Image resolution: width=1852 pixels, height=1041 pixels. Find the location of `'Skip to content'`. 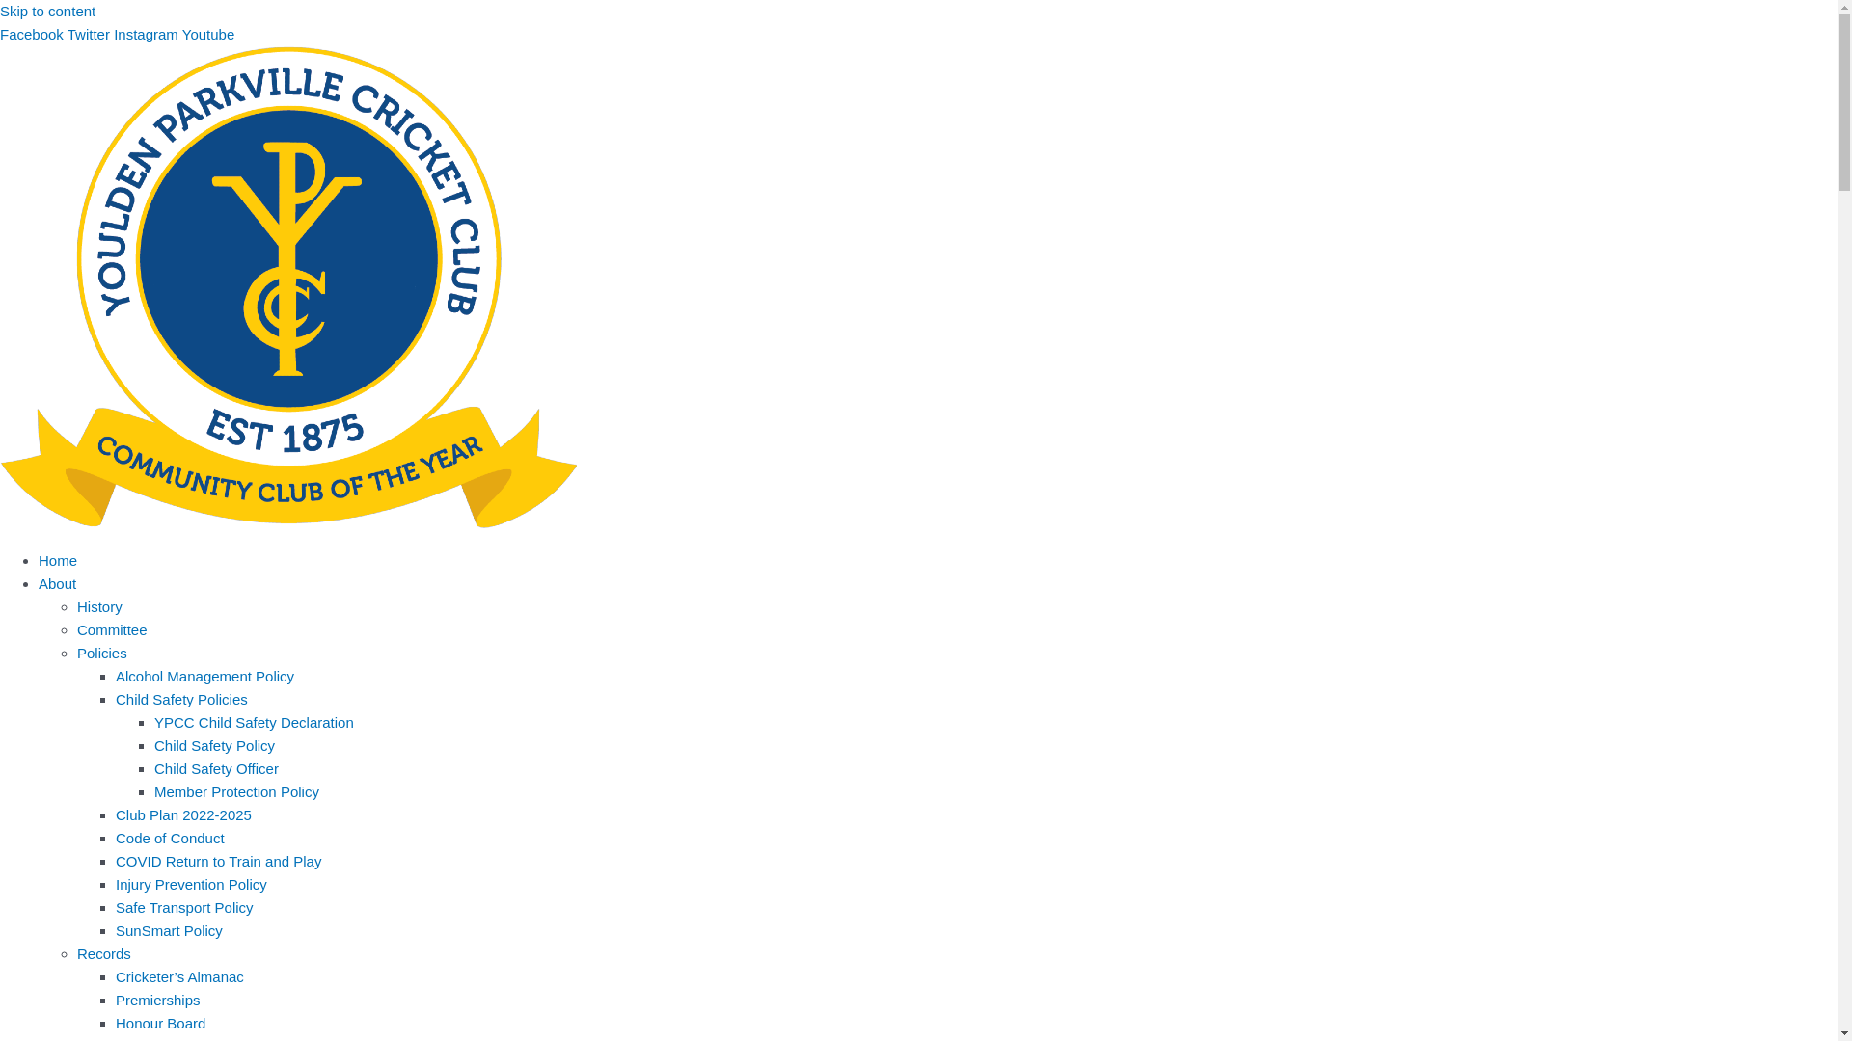

'Skip to content' is located at coordinates (47, 11).